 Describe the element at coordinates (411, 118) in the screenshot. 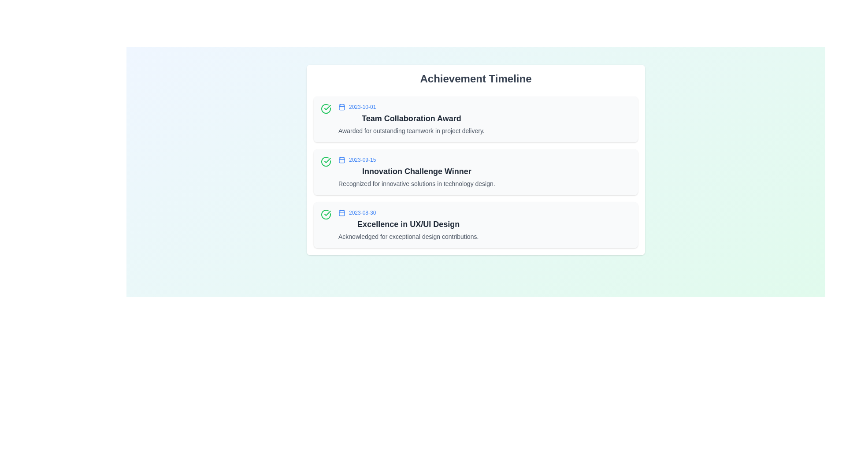

I see `text label 'Team Collaboration Award', which is a prominent bold heading located centrally beneath a date and icon, and above a descriptive paragraph` at that location.